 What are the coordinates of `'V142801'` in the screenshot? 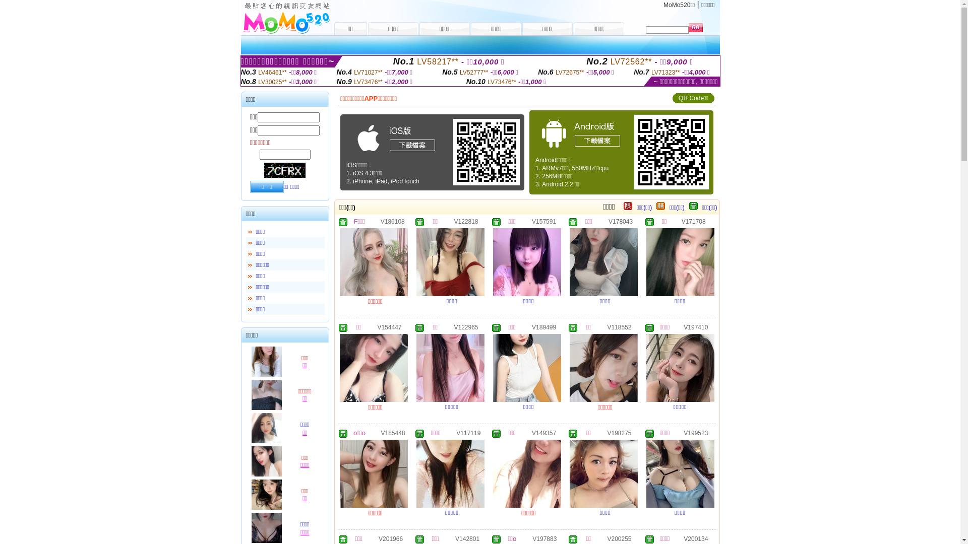 It's located at (466, 537).